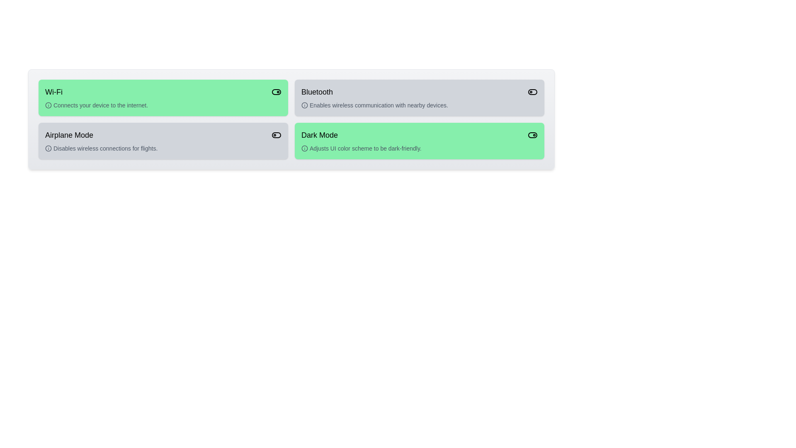 The image size is (796, 448). I want to click on the card for Bluetooth, so click(420, 97).